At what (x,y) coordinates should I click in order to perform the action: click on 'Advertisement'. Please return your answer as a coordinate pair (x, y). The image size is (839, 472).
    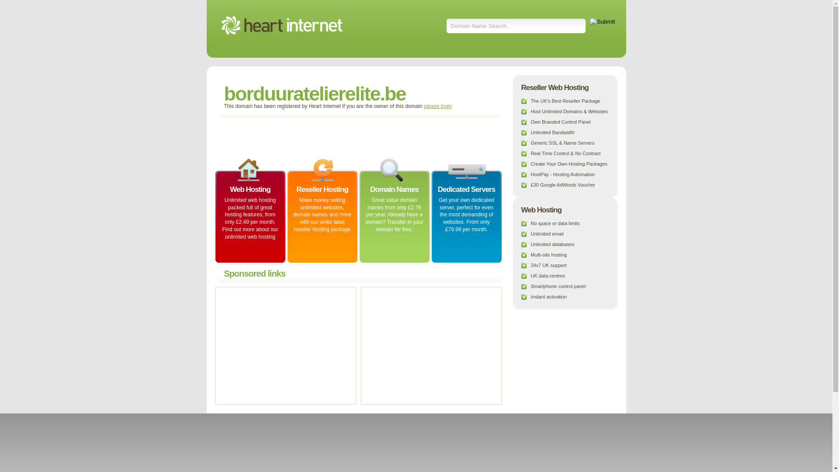
    Looking at the image, I should click on (321, 137).